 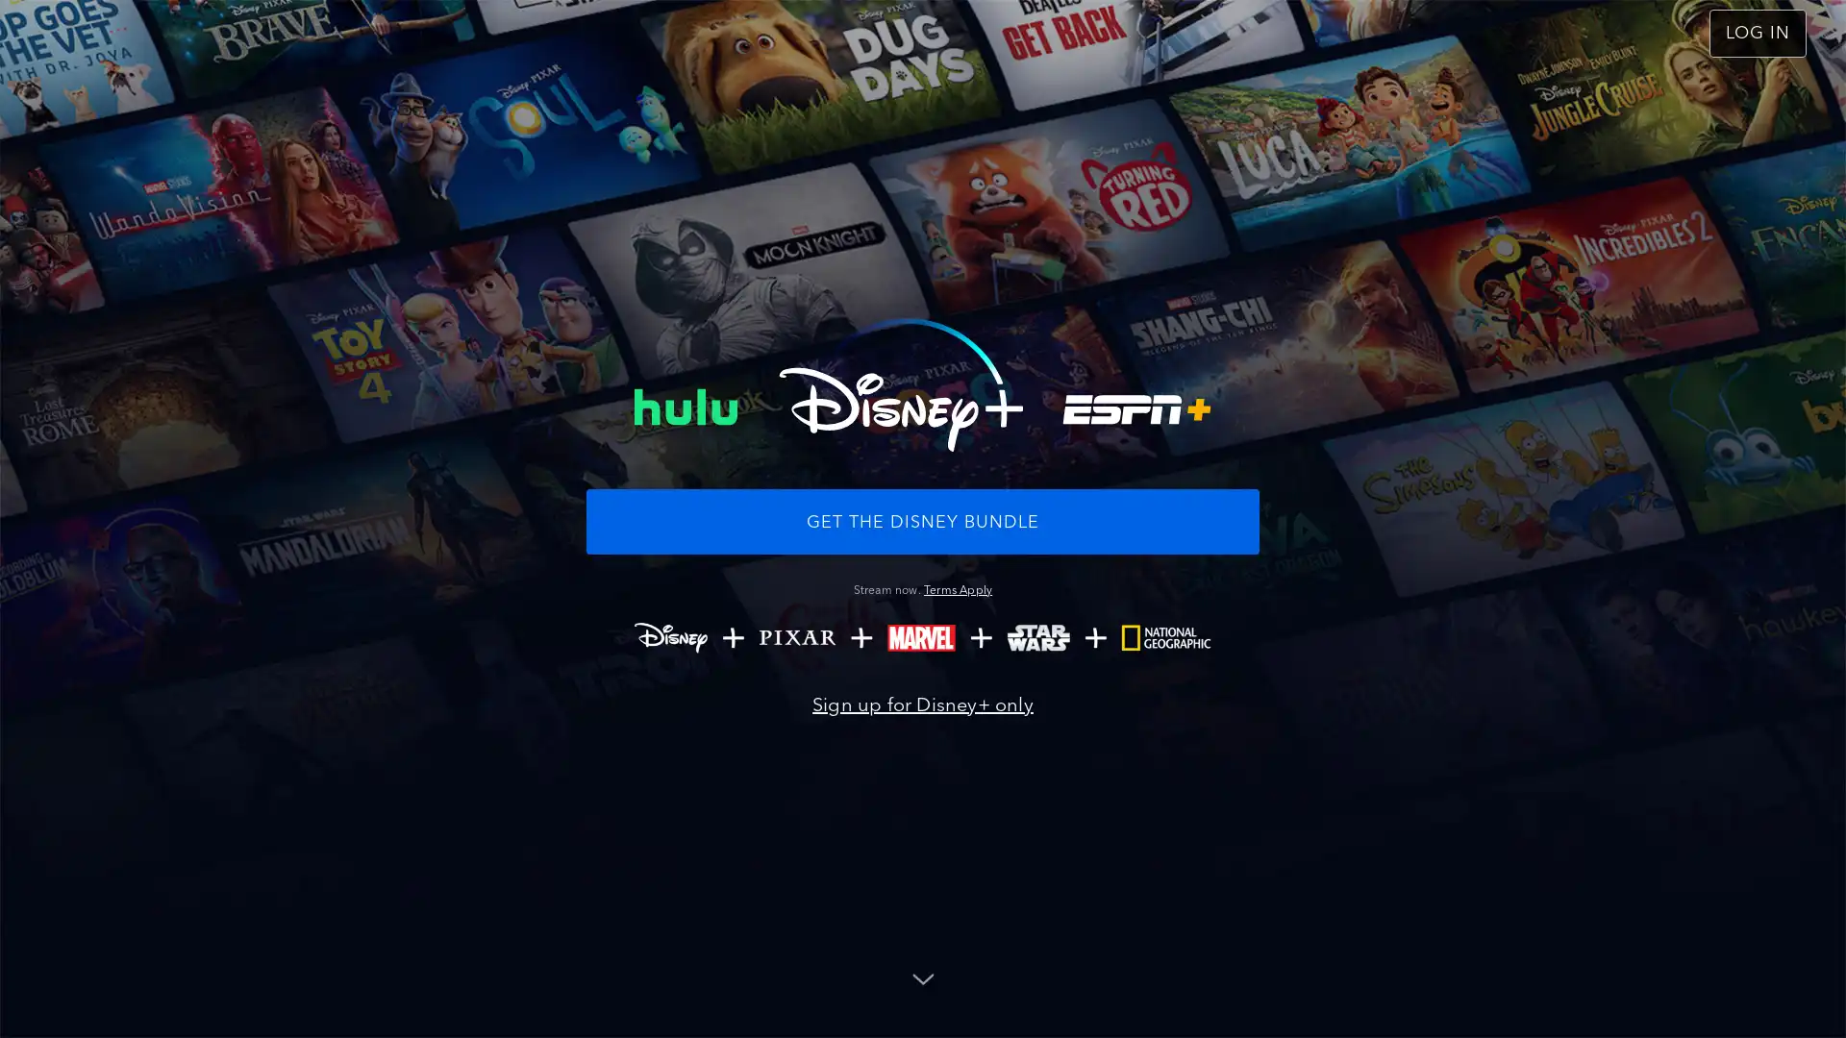 I want to click on Down Arrow, so click(x=923, y=977).